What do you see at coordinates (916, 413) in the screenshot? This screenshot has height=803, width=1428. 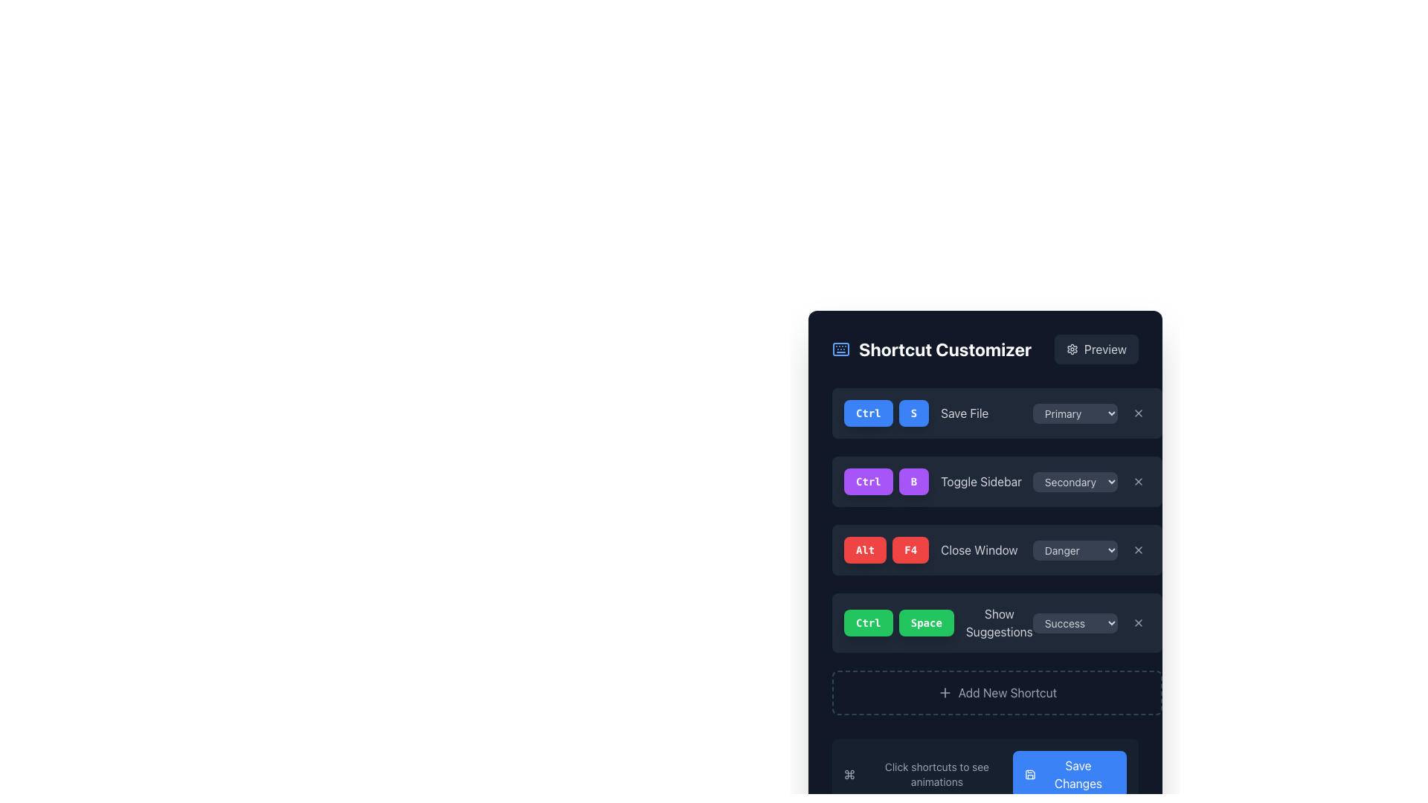 I see `the 'Ctrl' and 'S' buttons in the first shortcut row of the 'Shortcut Customizer' panel` at bounding box center [916, 413].